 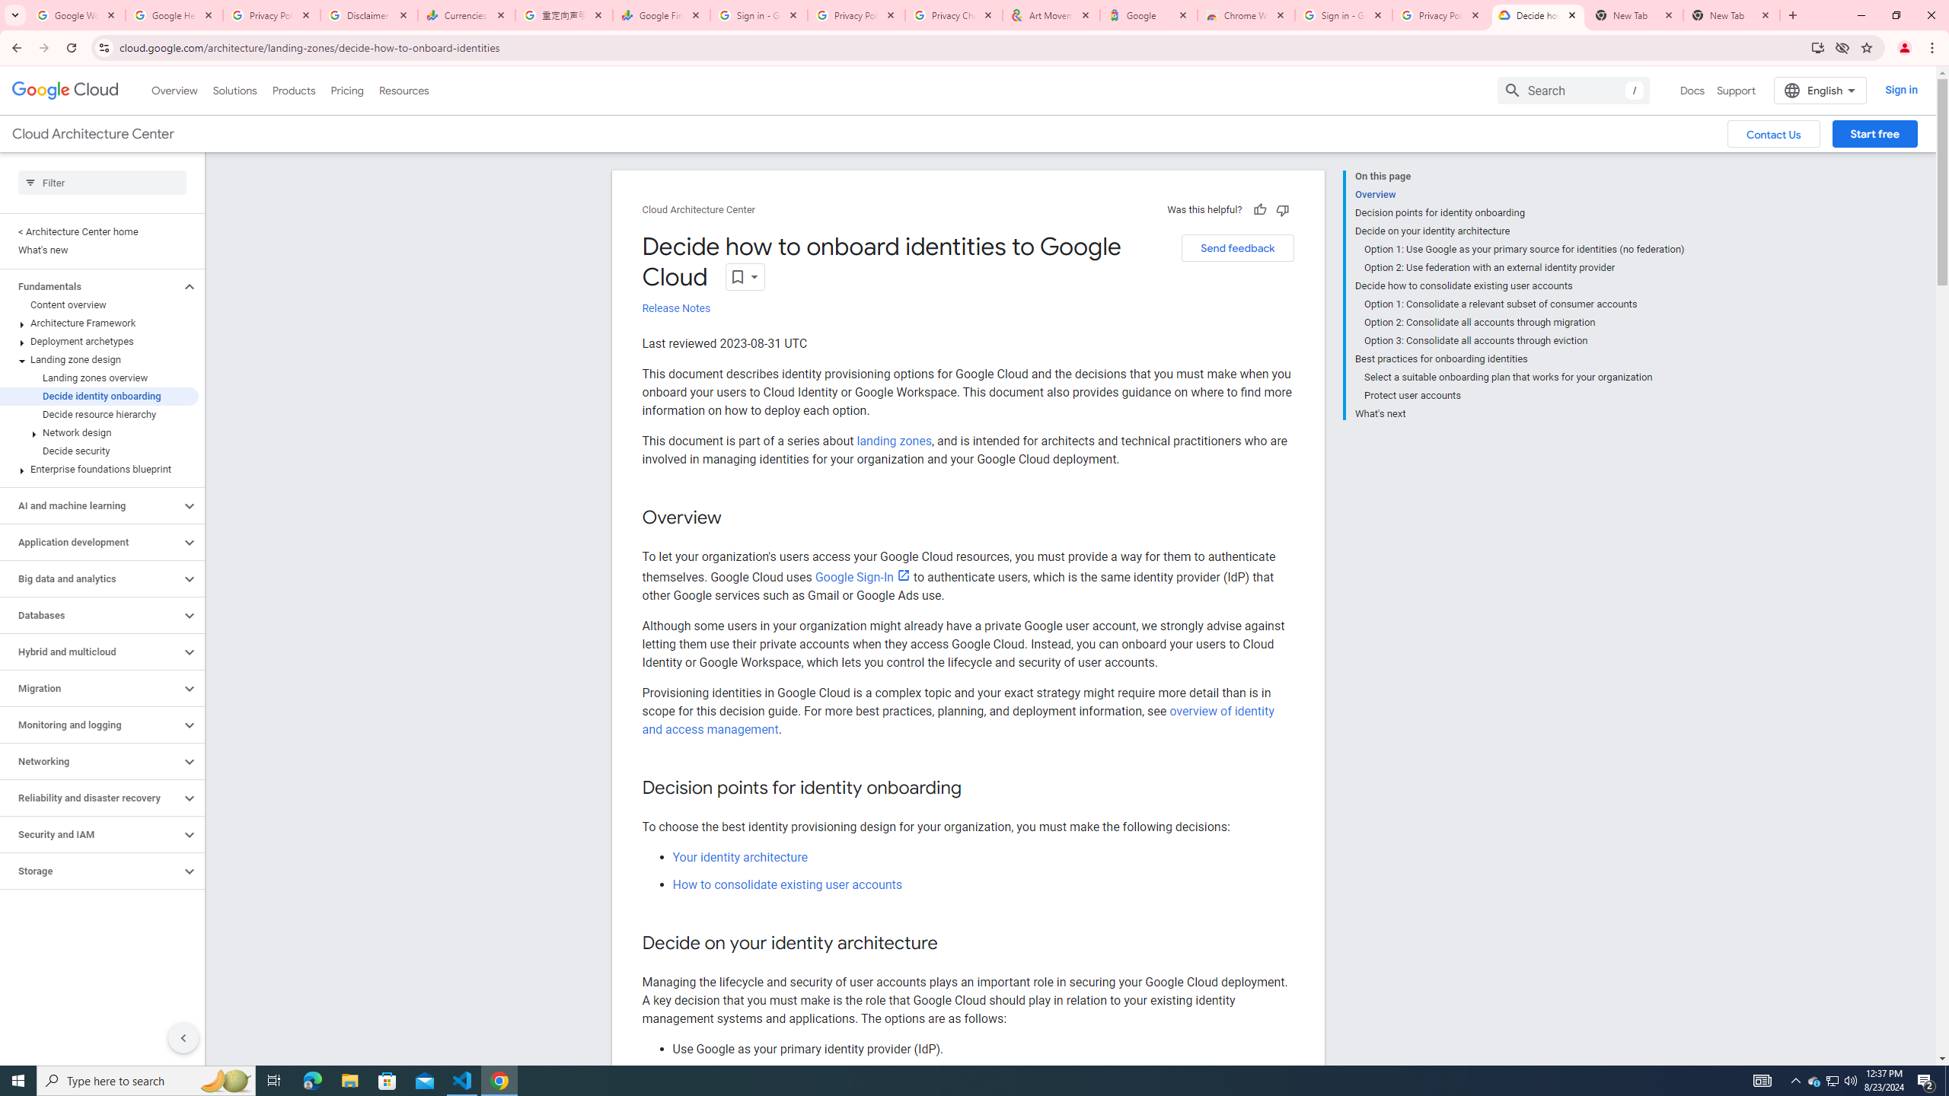 I want to click on 'Best practices for onboarding identities', so click(x=1518, y=358).